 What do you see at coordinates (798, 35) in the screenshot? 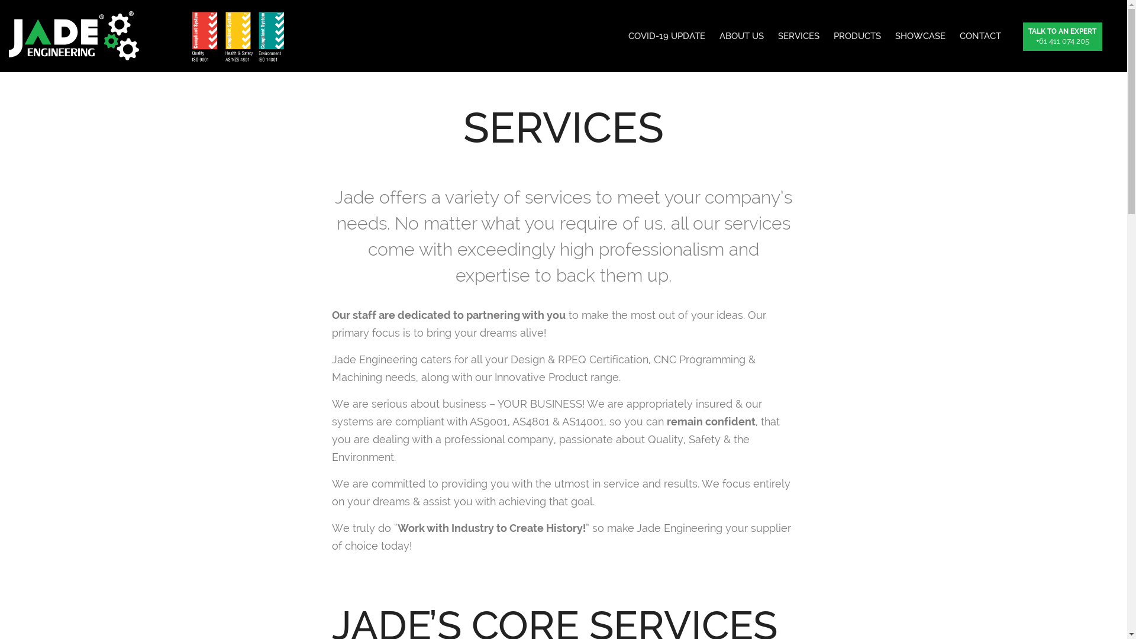
I see `'SERVICES'` at bounding box center [798, 35].